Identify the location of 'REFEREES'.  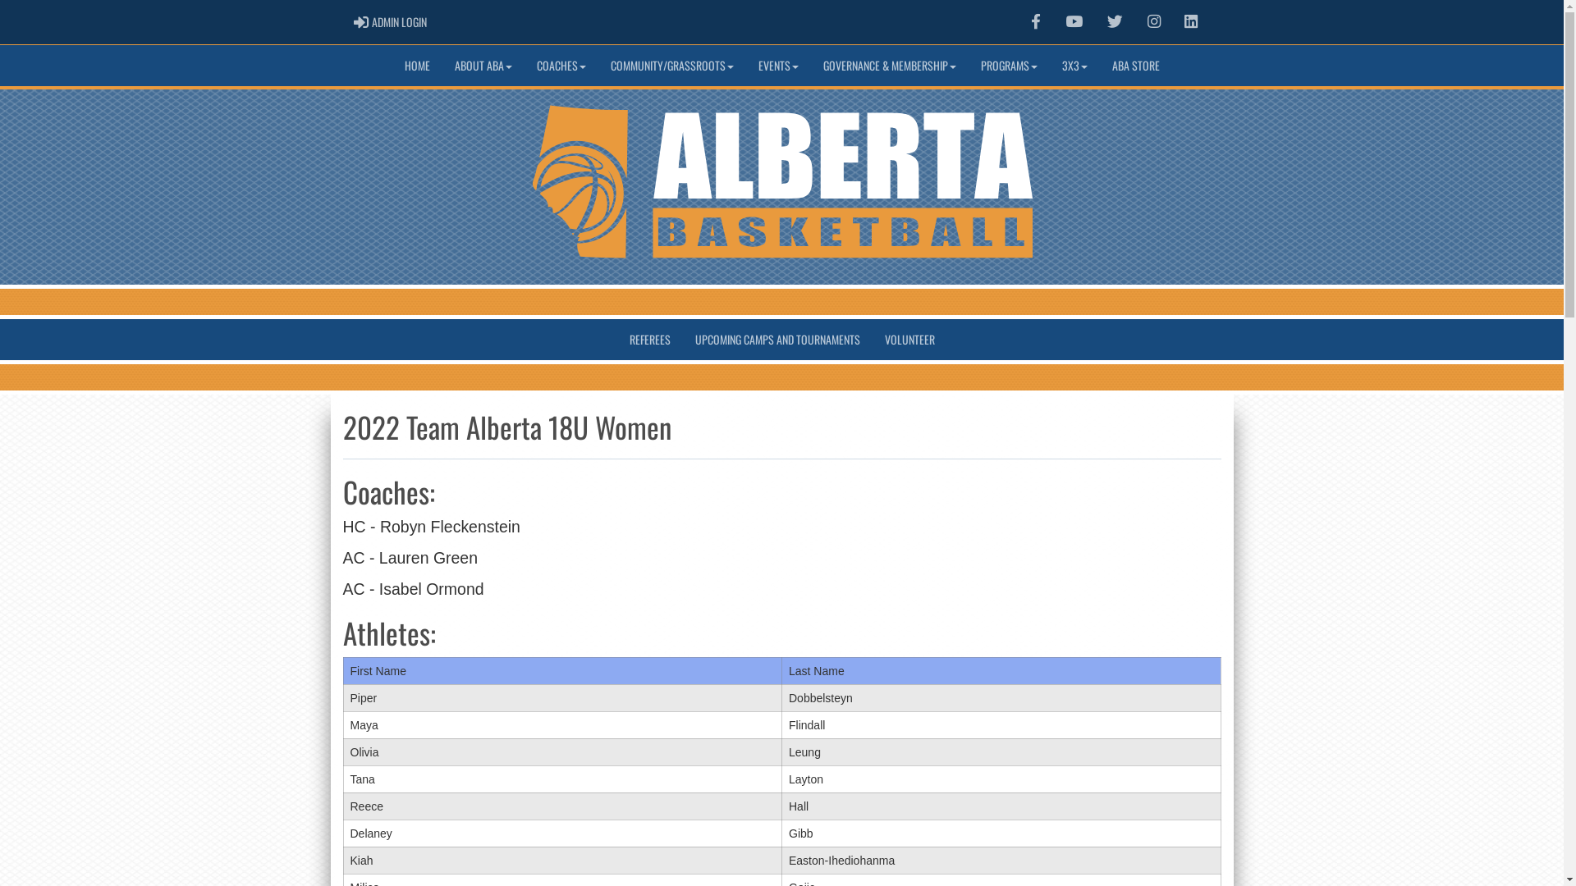
(649, 338).